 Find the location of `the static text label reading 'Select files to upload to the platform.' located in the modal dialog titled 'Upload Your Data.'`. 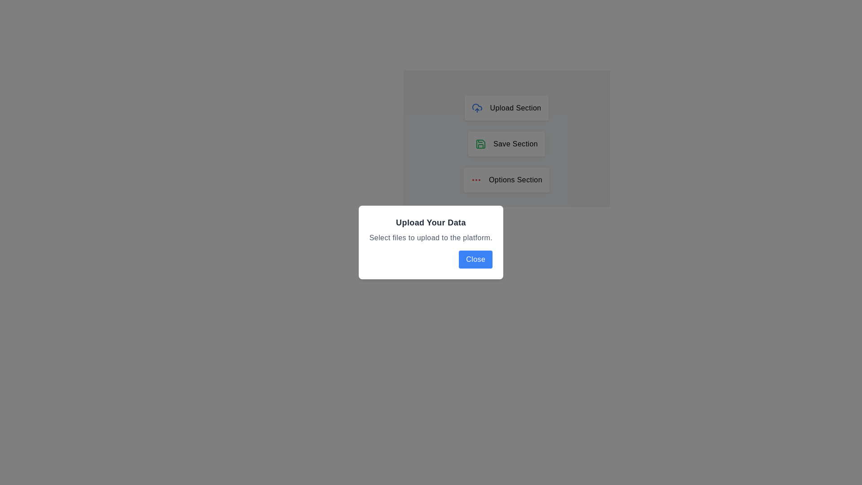

the static text label reading 'Select files to upload to the platform.' located in the modal dialog titled 'Upload Your Data.' is located at coordinates (431, 237).